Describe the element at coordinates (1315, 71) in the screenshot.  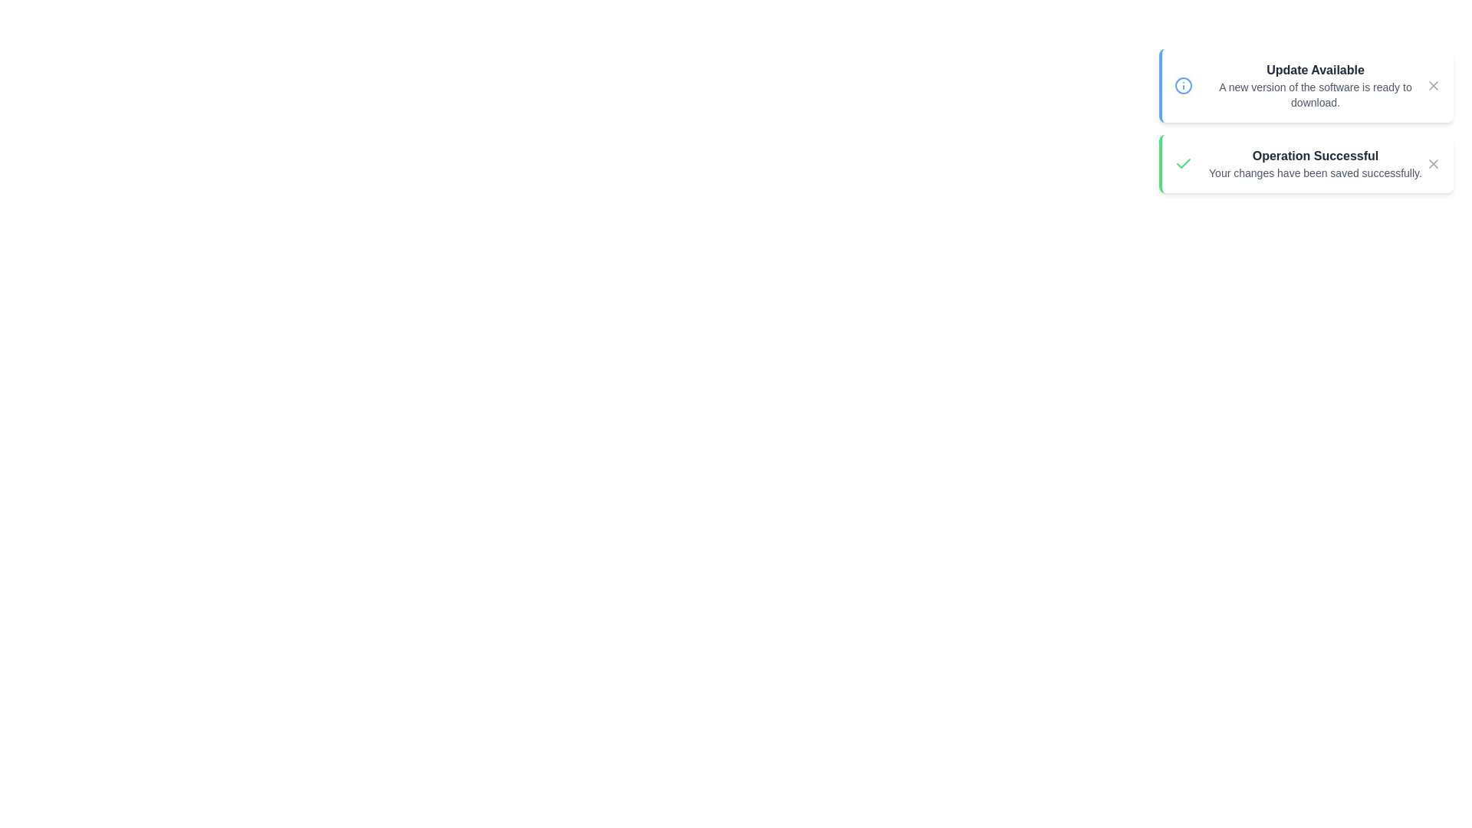
I see `text content of the Text Label that serves as the title of the notification message, positioned at the top of the notification box in the top-right section of the interface` at that location.